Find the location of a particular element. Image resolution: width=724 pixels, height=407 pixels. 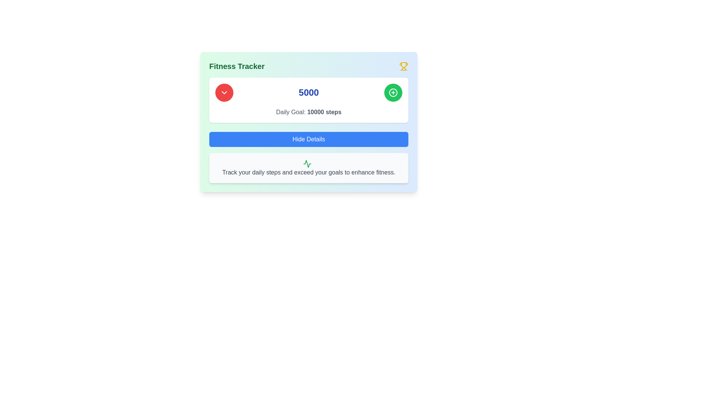

the static text element displaying the daily activity goal of '10000 steps', which is styled in bold and located centrally in the interface is located at coordinates (324, 112).